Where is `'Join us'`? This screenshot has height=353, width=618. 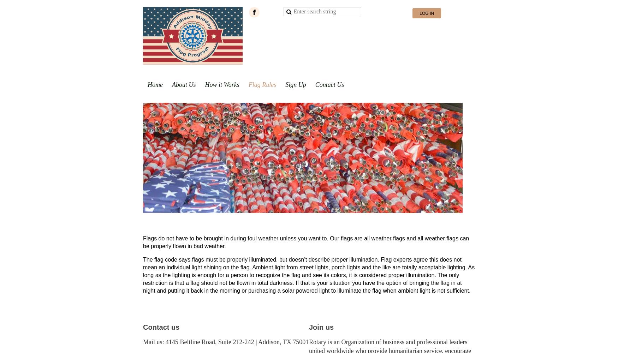
'Join us' is located at coordinates (321, 327).